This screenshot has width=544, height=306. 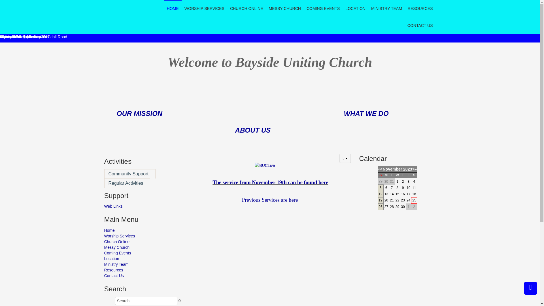 I want to click on '27', so click(x=386, y=207).